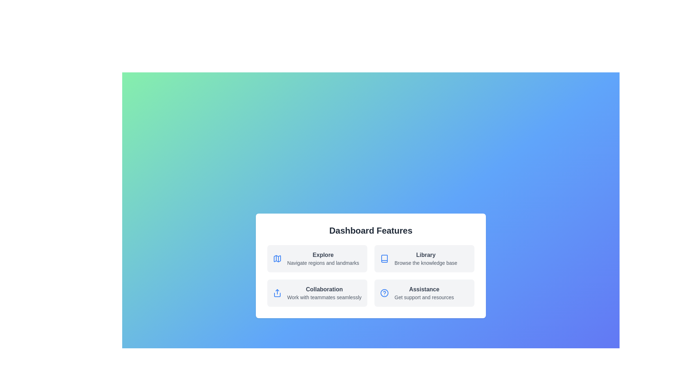  Describe the element at coordinates (424, 293) in the screenshot. I see `the Assistance tile to explore its functionalities` at that location.